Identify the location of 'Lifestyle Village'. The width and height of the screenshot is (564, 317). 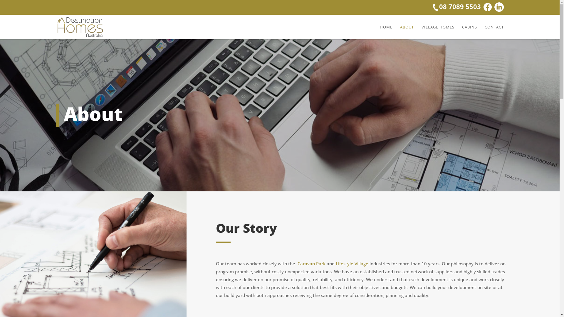
(352, 263).